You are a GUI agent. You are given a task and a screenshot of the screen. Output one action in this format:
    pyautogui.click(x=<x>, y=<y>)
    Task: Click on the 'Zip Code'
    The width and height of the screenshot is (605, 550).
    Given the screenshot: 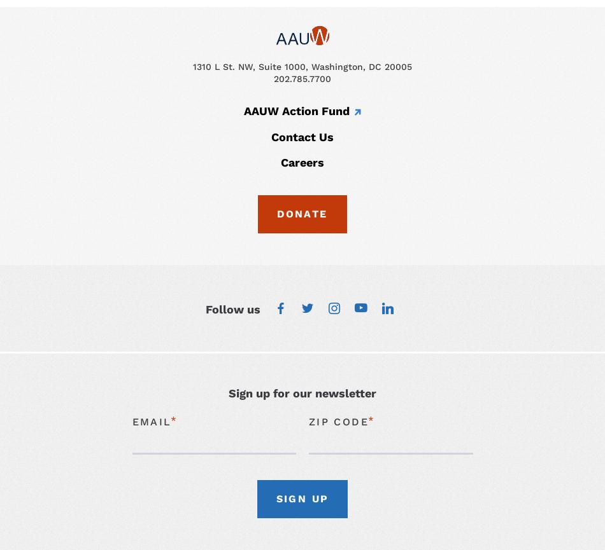 What is the action you would take?
    pyautogui.click(x=339, y=422)
    